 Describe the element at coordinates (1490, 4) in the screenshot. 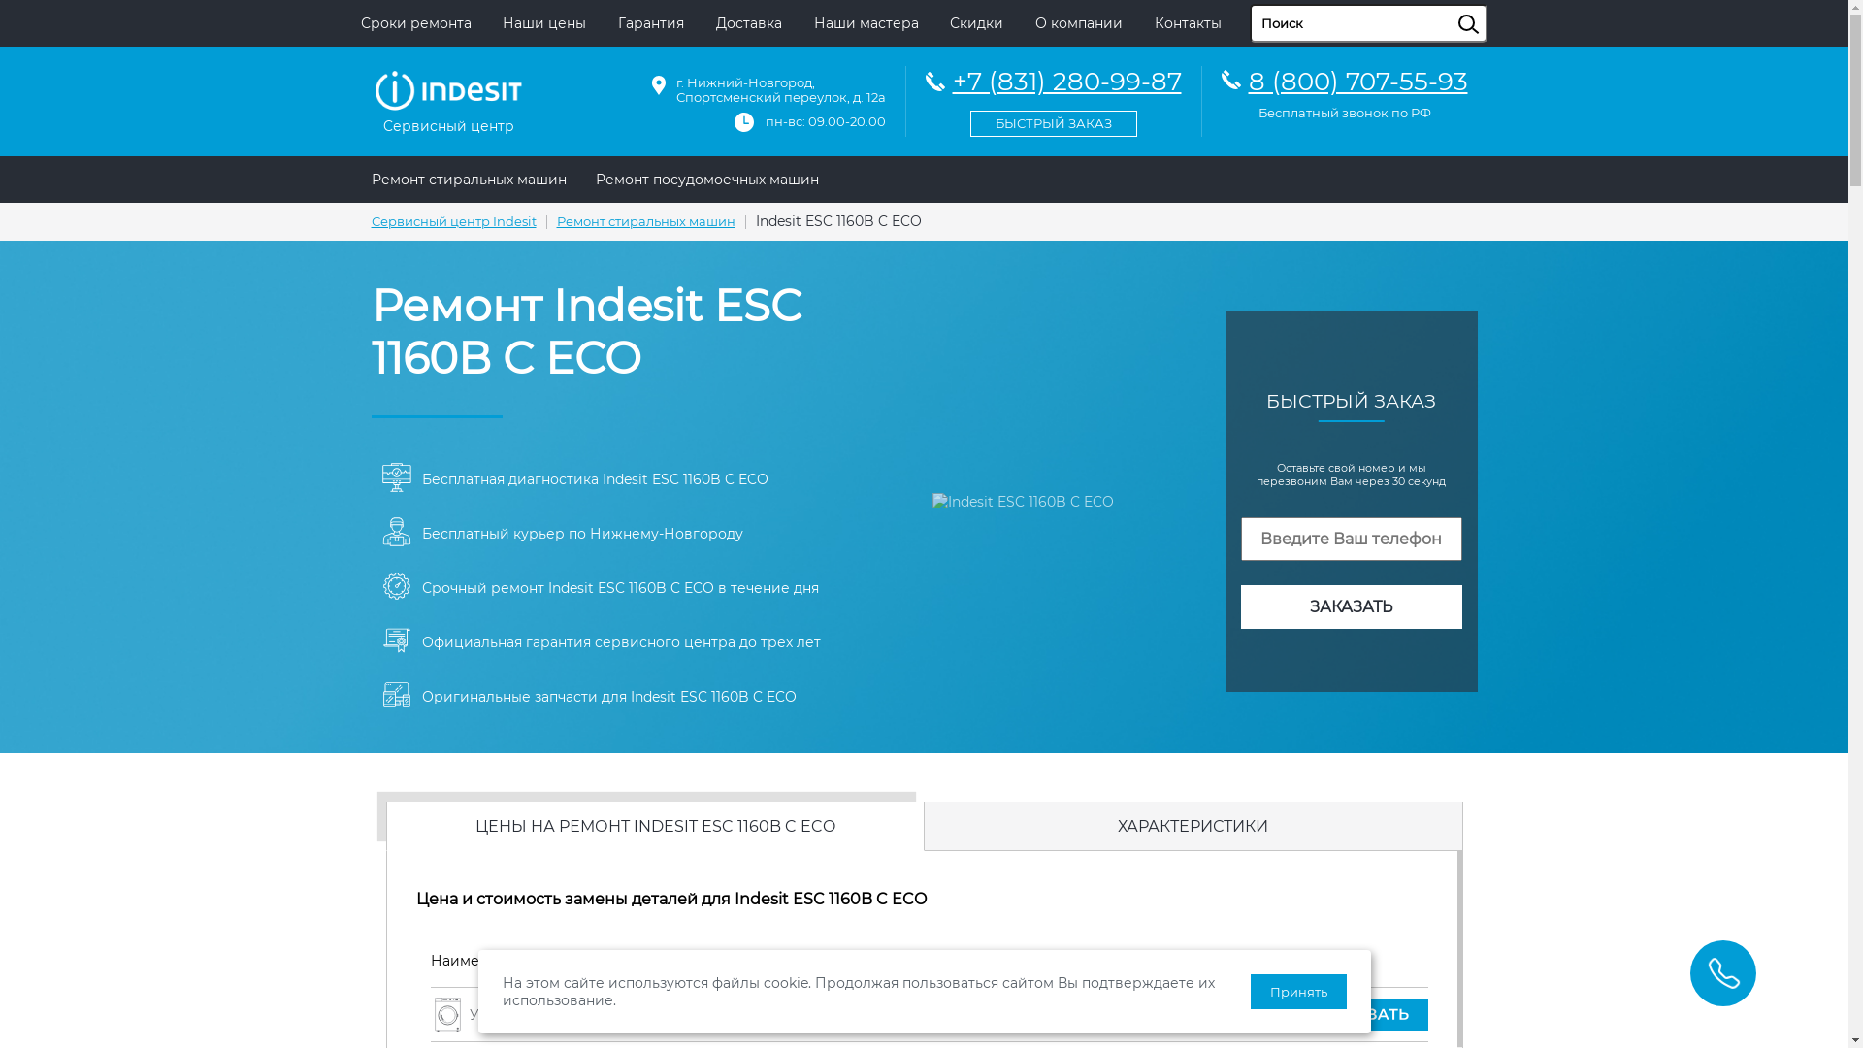

I see `'sisea.search'` at that location.